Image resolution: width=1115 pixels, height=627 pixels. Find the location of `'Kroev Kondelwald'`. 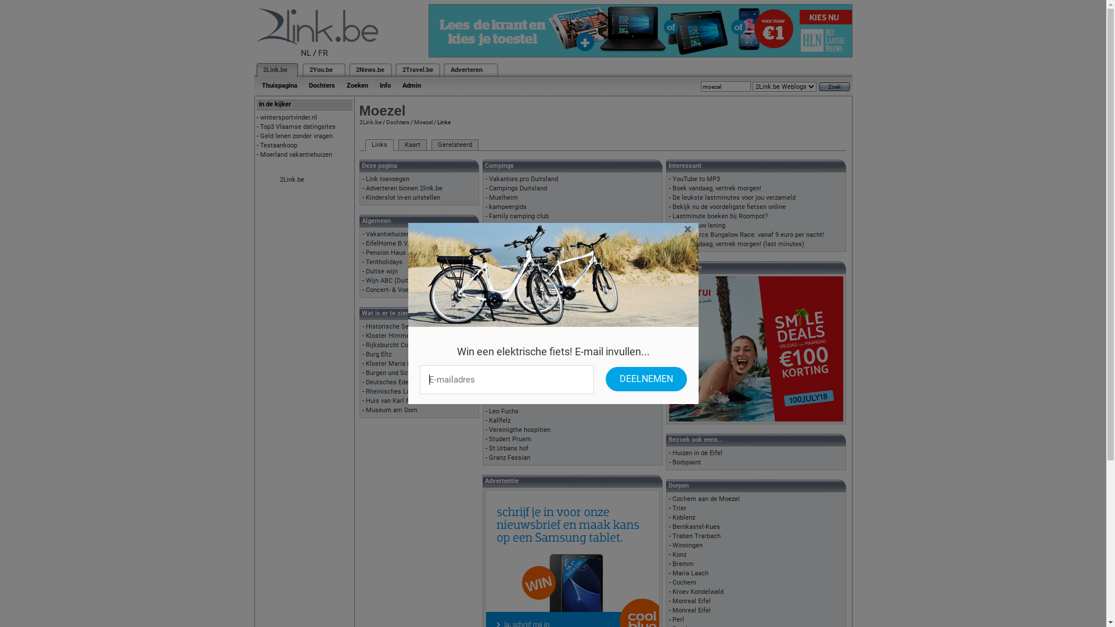

'Kroev Kondelwald' is located at coordinates (697, 592).